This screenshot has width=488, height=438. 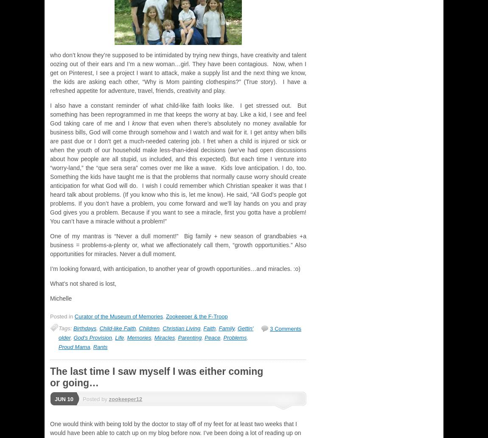 What do you see at coordinates (63, 398) in the screenshot?
I see `'Jun 10'` at bounding box center [63, 398].